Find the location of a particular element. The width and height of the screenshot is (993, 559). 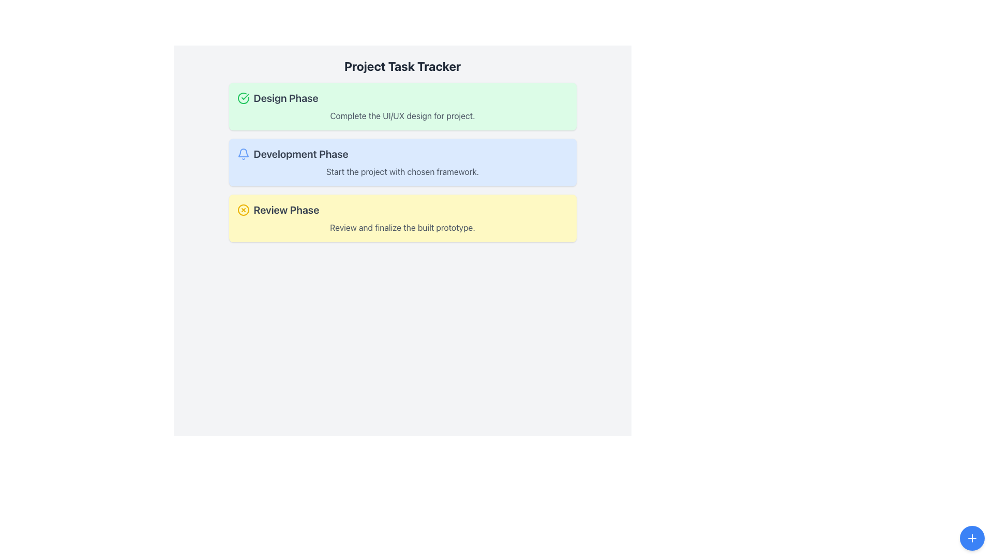

the Plus Icon button located at the bottom-right corner of the interface is located at coordinates (972, 538).